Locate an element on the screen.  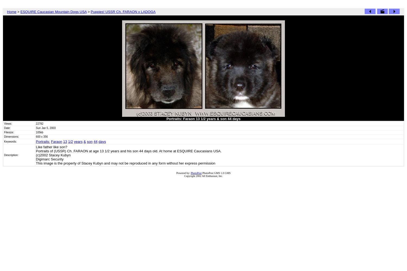
'Puppies! USSR Ch. FARAON x LADOGA' is located at coordinates (123, 12).